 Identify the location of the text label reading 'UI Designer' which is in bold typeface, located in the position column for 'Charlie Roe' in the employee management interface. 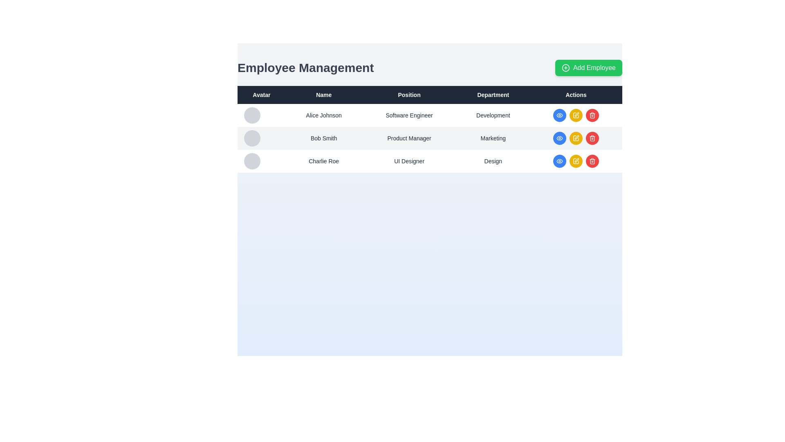
(409, 161).